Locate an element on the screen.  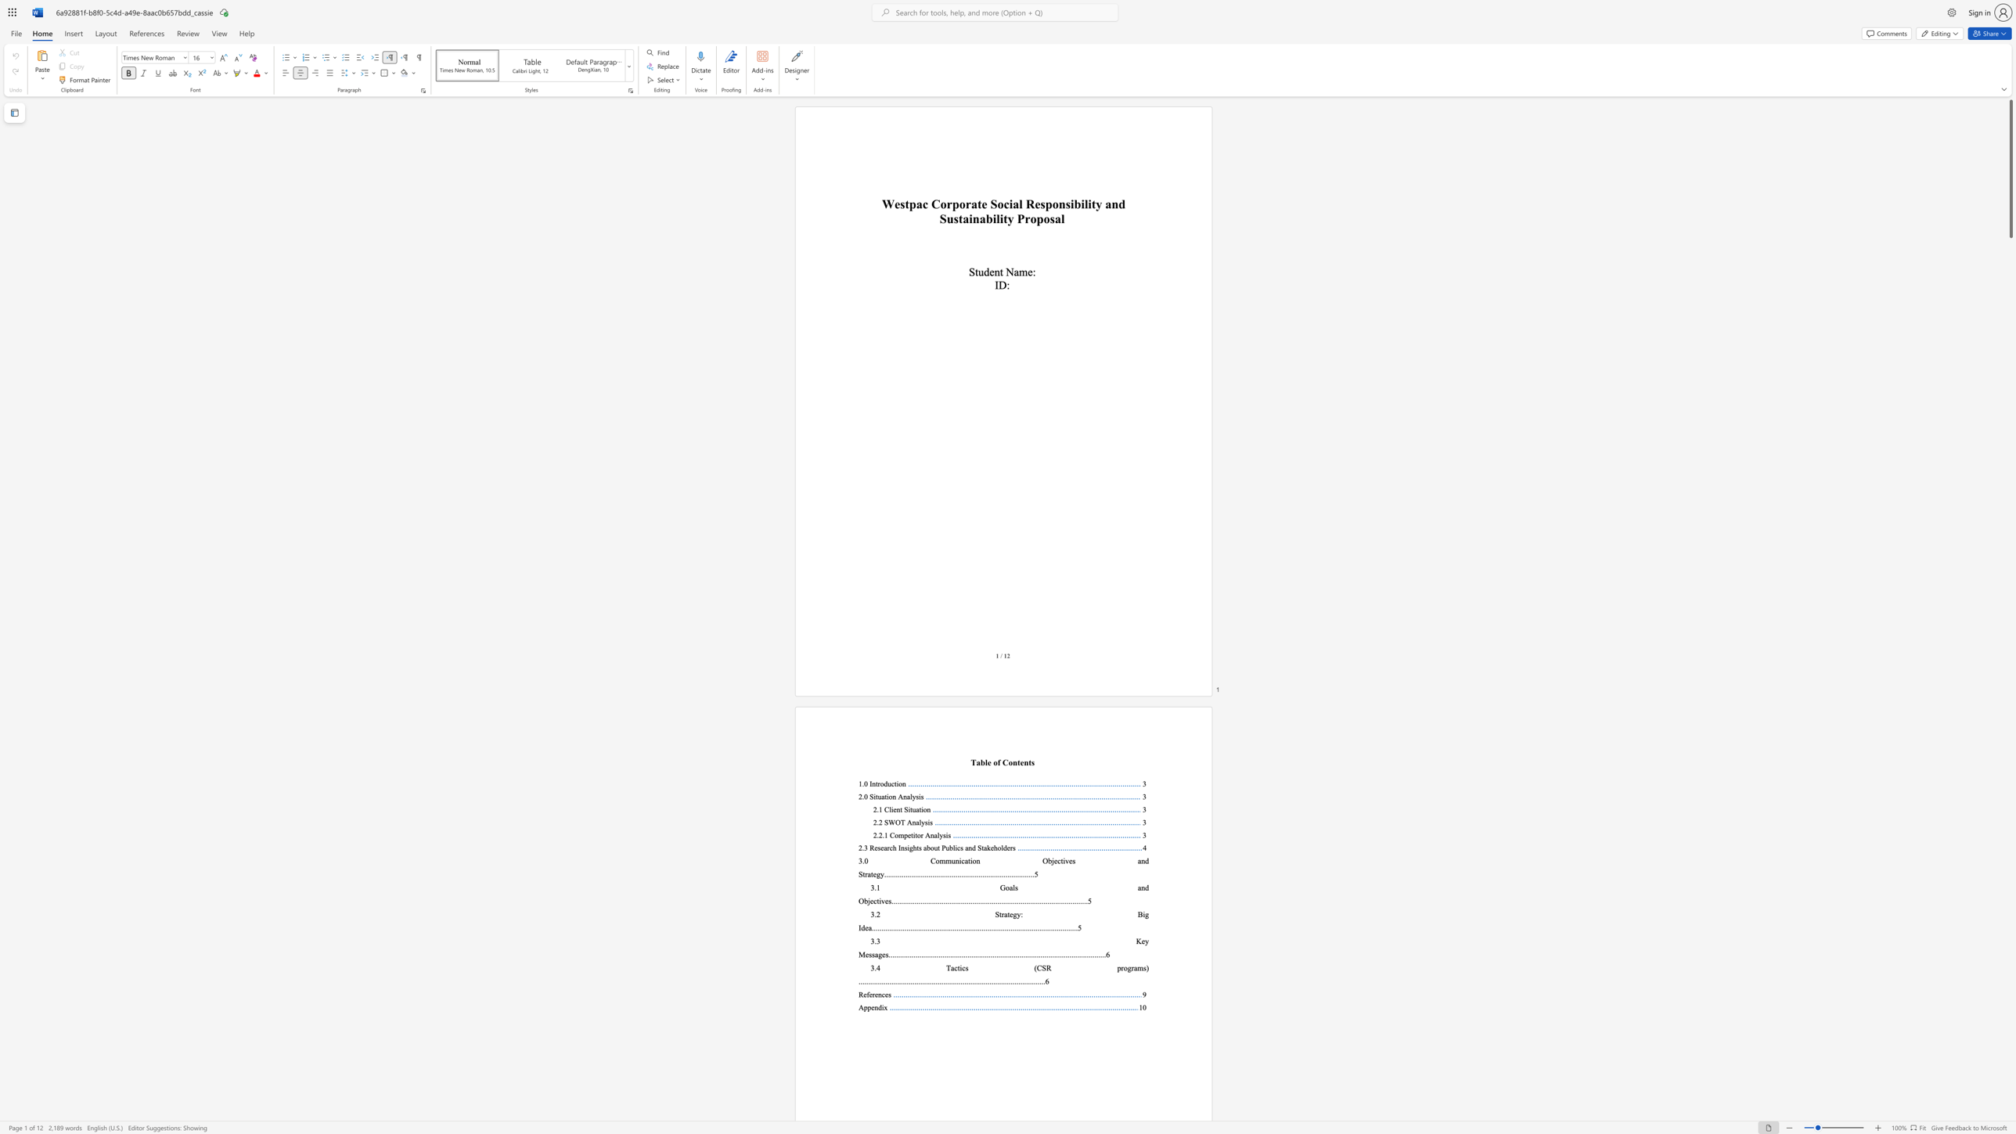
the 2th character "s" in the text is located at coordinates (949, 835).